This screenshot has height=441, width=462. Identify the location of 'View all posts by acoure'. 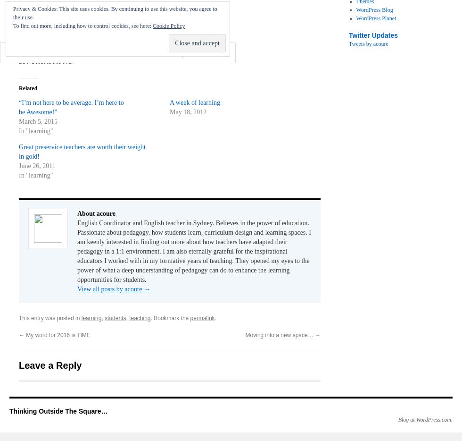
(110, 289).